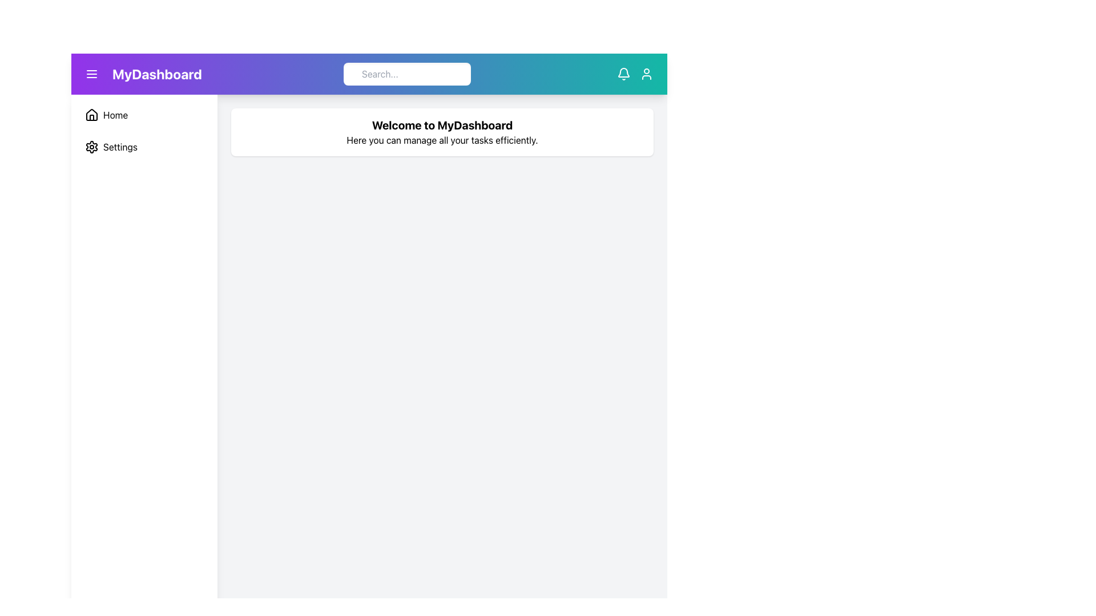 The height and width of the screenshot is (616, 1096). Describe the element at coordinates (115, 115) in the screenshot. I see `the 'Home' text label in the left-hand vertical navigation panel` at that location.